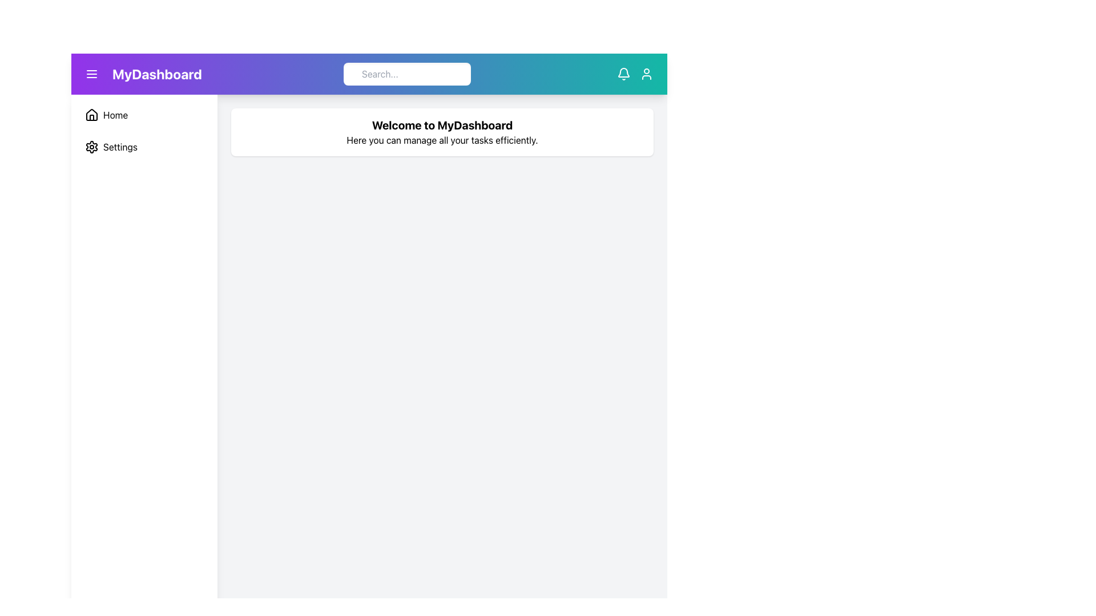 The height and width of the screenshot is (616, 1096). Describe the element at coordinates (115, 115) in the screenshot. I see `the 'Home' text label in the left-hand vertical navigation panel` at that location.